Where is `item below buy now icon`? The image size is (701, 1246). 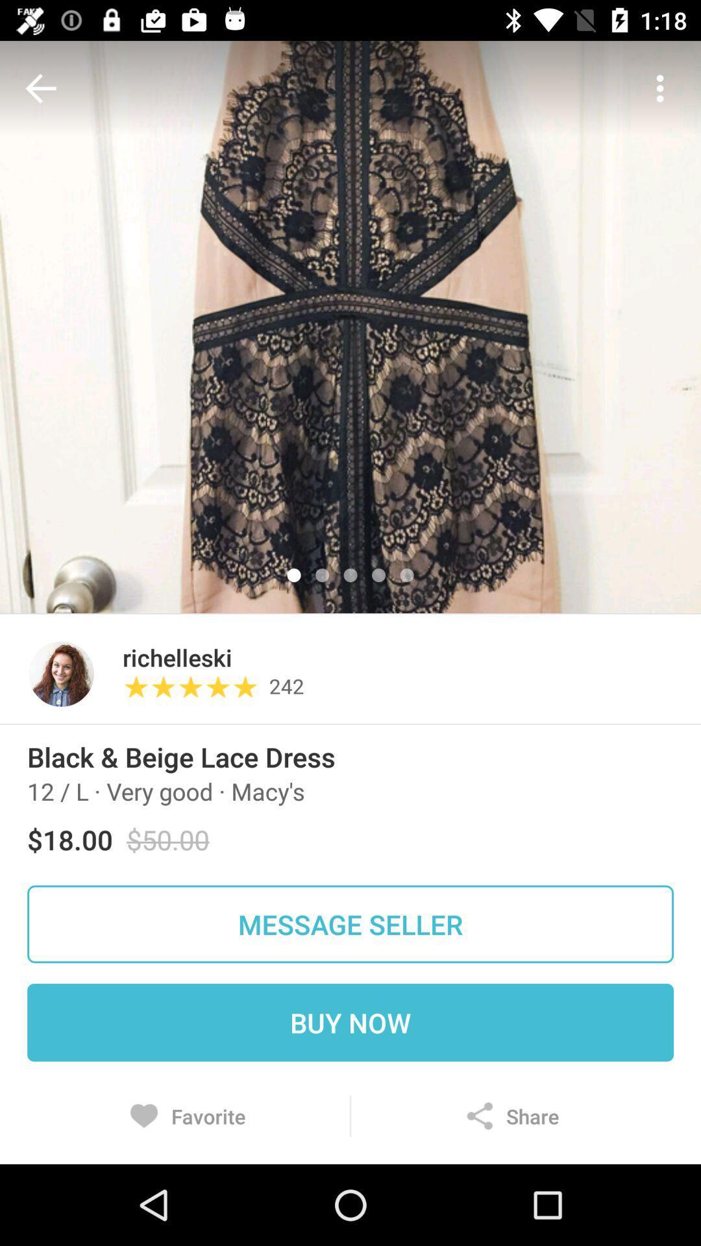
item below buy now icon is located at coordinates (511, 1116).